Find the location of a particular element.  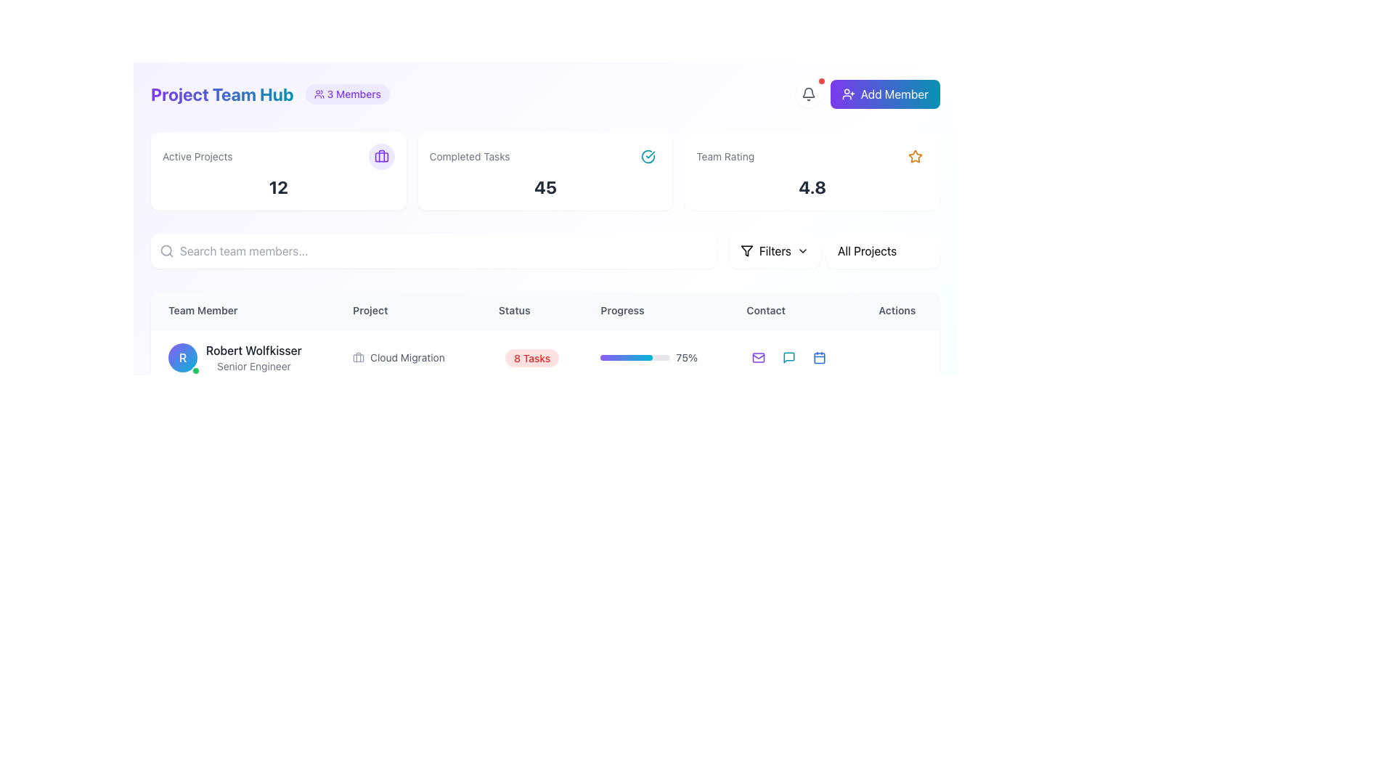

to select the first row of the interactive table displaying information about the team member Robert Wolfkisser, including project details and action icons is located at coordinates (545, 357).